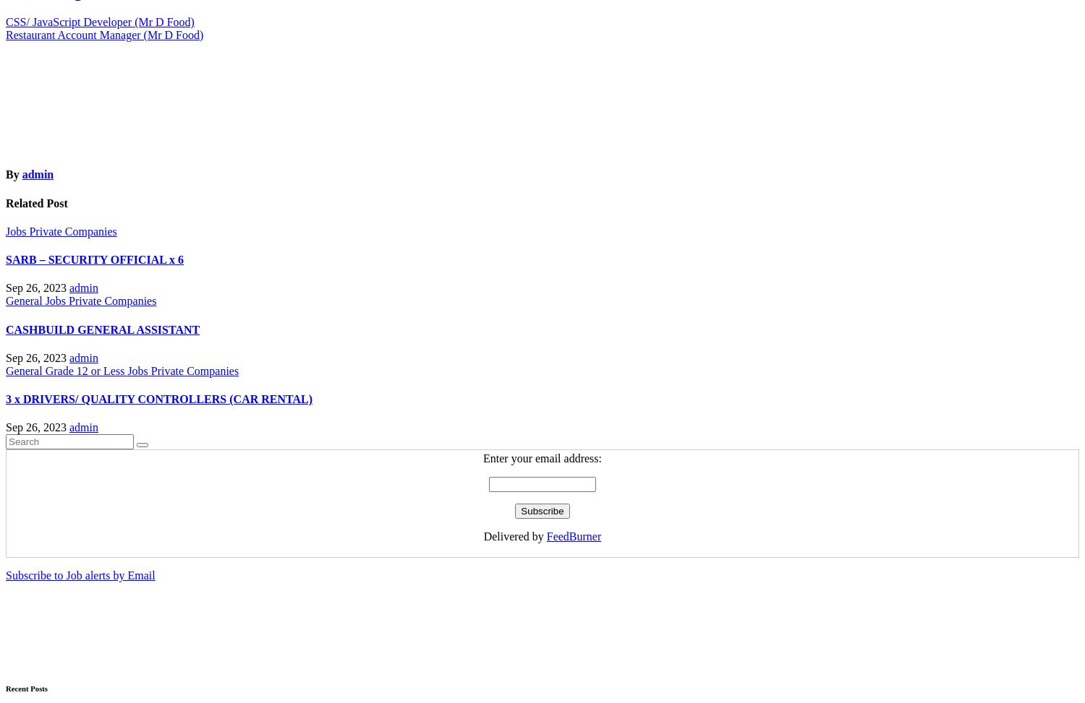 The image size is (1085, 703). I want to click on 'SARB – SECURITY OFFICIAL x 6', so click(94, 259).